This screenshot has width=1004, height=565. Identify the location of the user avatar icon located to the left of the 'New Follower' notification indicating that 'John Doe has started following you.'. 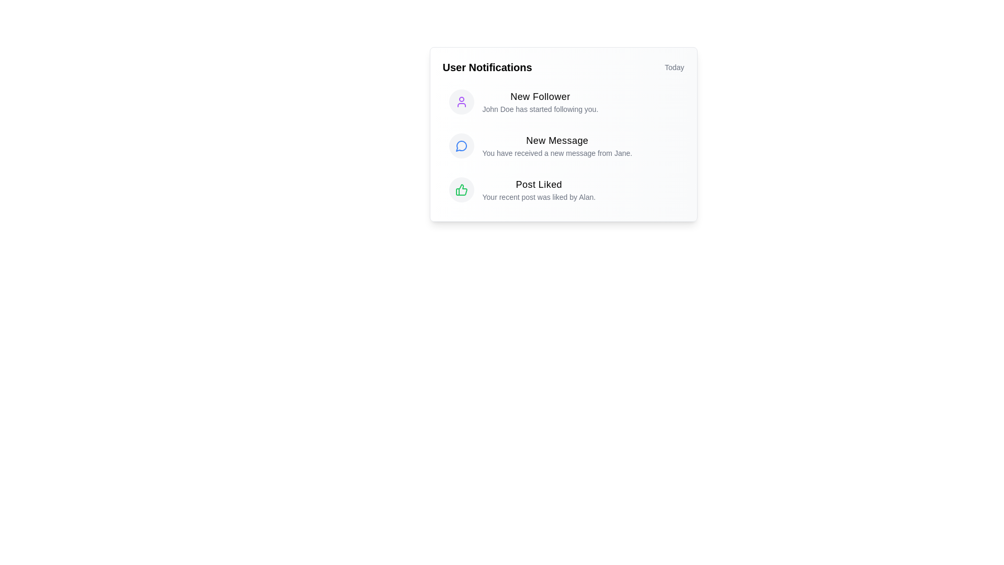
(461, 102).